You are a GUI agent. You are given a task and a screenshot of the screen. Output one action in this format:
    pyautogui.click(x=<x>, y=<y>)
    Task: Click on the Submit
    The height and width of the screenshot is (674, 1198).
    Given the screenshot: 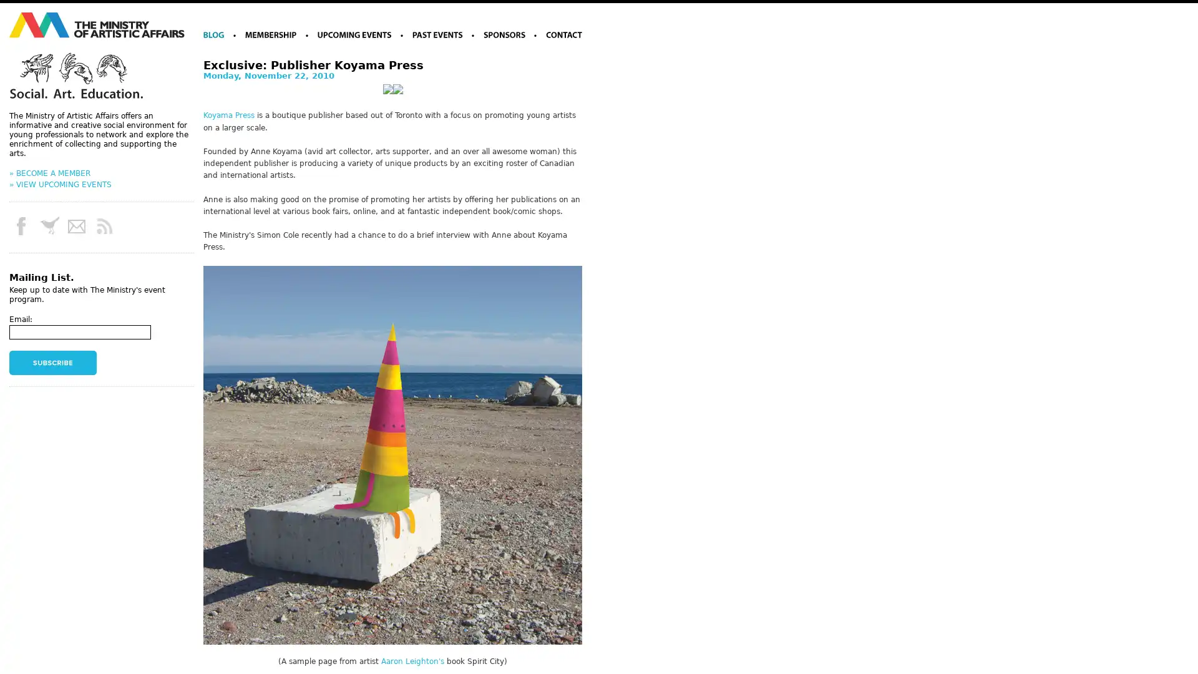 What is the action you would take?
    pyautogui.click(x=52, y=363)
    